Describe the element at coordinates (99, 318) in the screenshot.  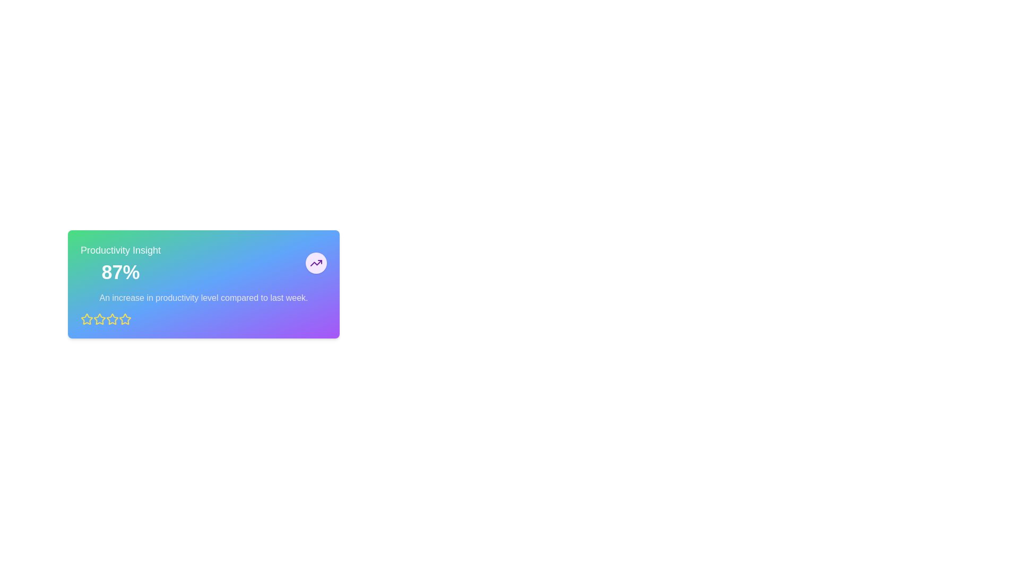
I see `the second star icon from the left` at that location.